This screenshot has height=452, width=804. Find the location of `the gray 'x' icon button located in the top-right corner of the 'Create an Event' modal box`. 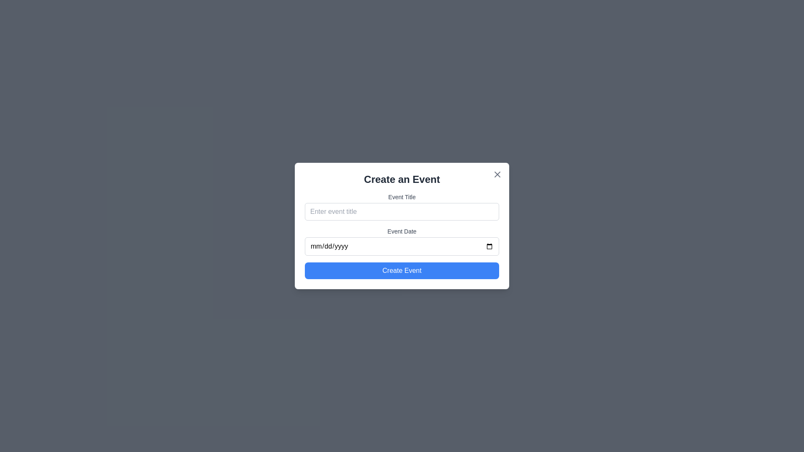

the gray 'x' icon button located in the top-right corner of the 'Create an Event' modal box is located at coordinates (497, 174).